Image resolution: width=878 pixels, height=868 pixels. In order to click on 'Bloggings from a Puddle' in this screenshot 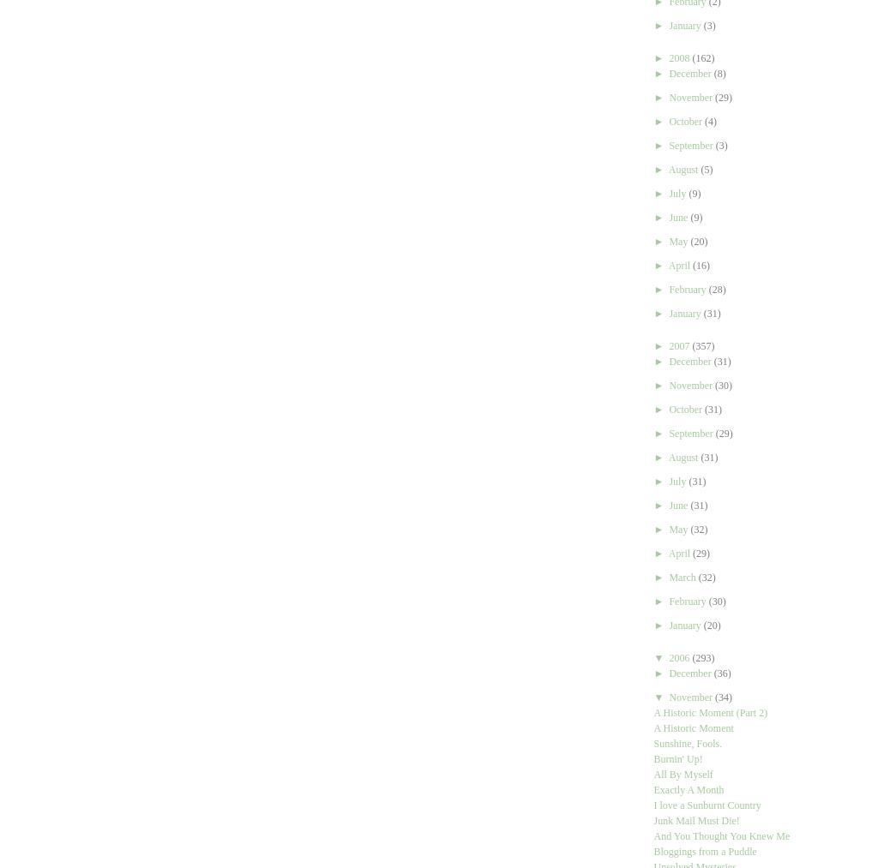, I will do `click(652, 851)`.